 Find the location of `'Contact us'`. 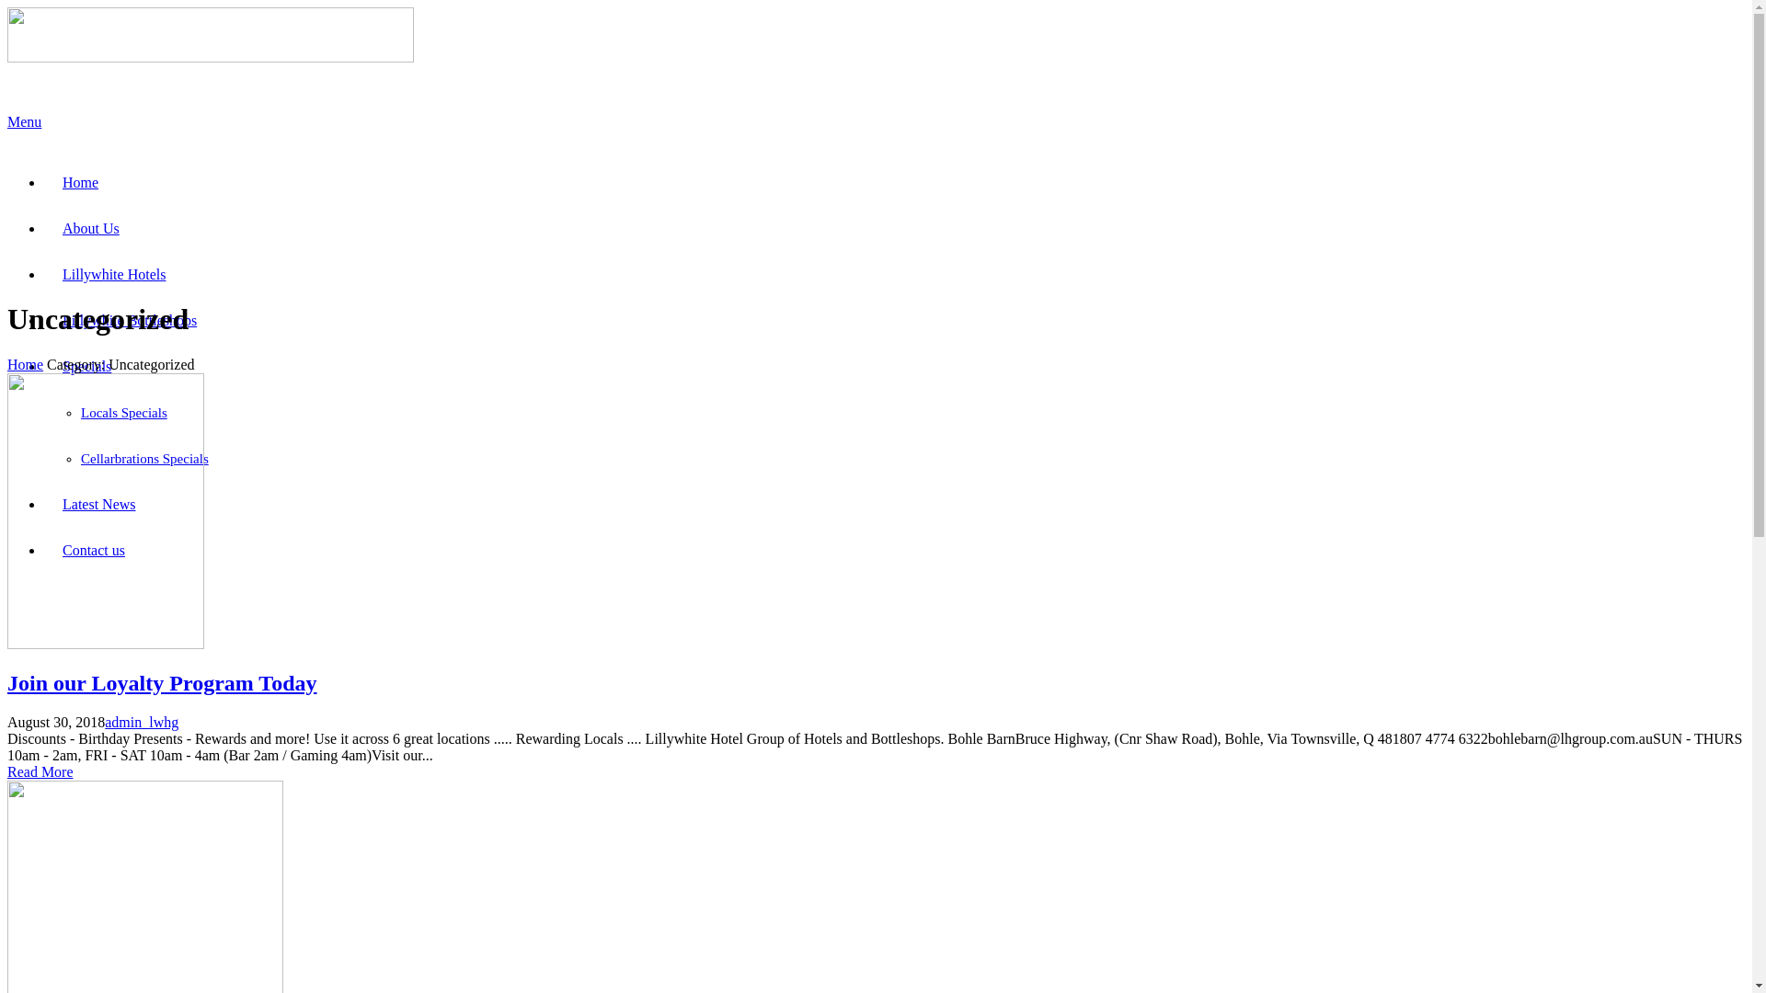

'Contact us' is located at coordinates (92, 549).